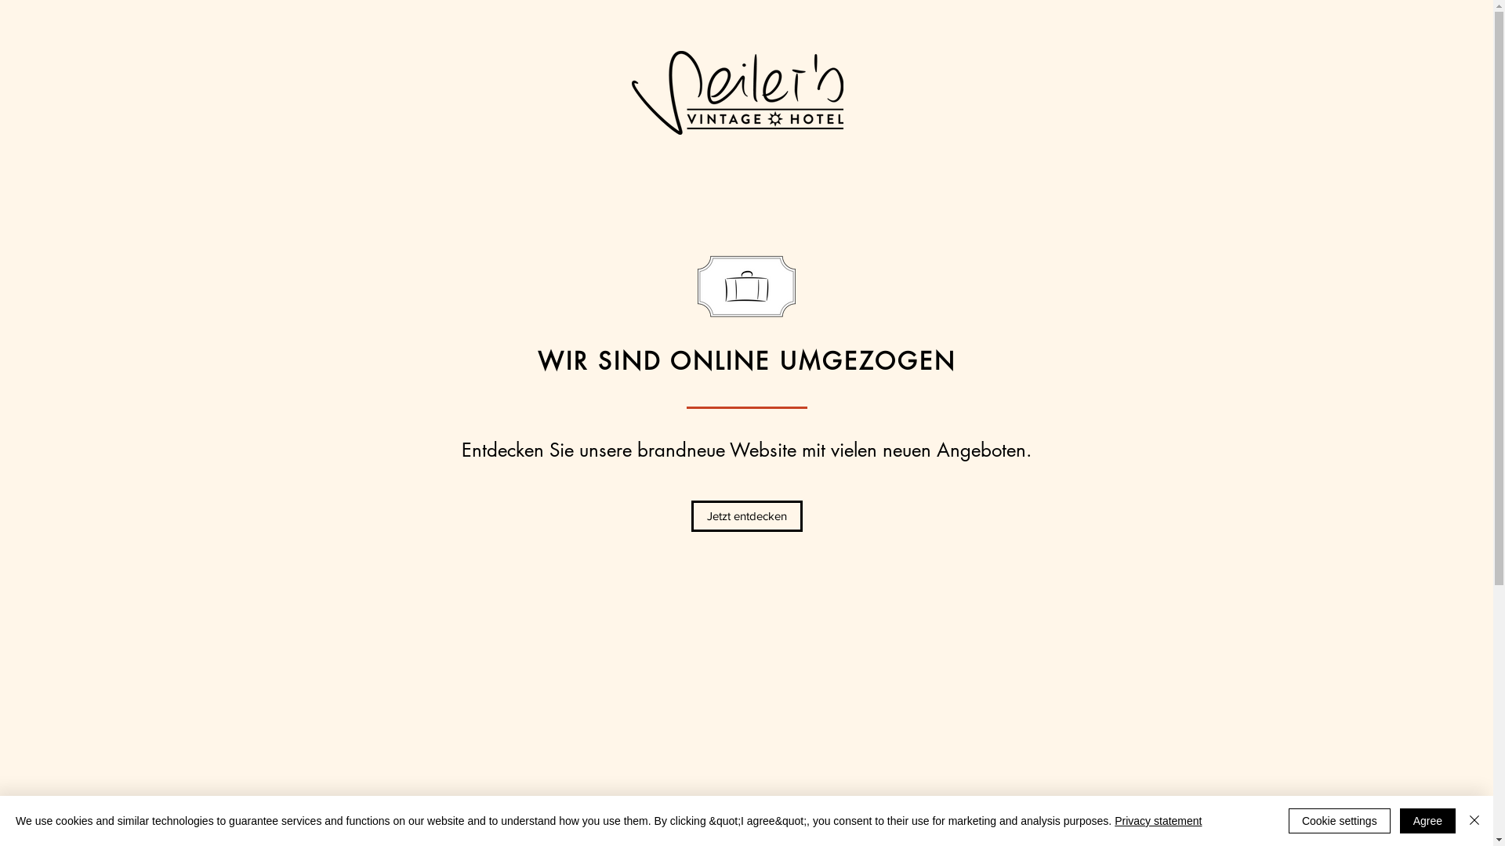  What do you see at coordinates (736, 92) in the screenshot?
I see `'Seilers-Logo-schwarz.png'` at bounding box center [736, 92].